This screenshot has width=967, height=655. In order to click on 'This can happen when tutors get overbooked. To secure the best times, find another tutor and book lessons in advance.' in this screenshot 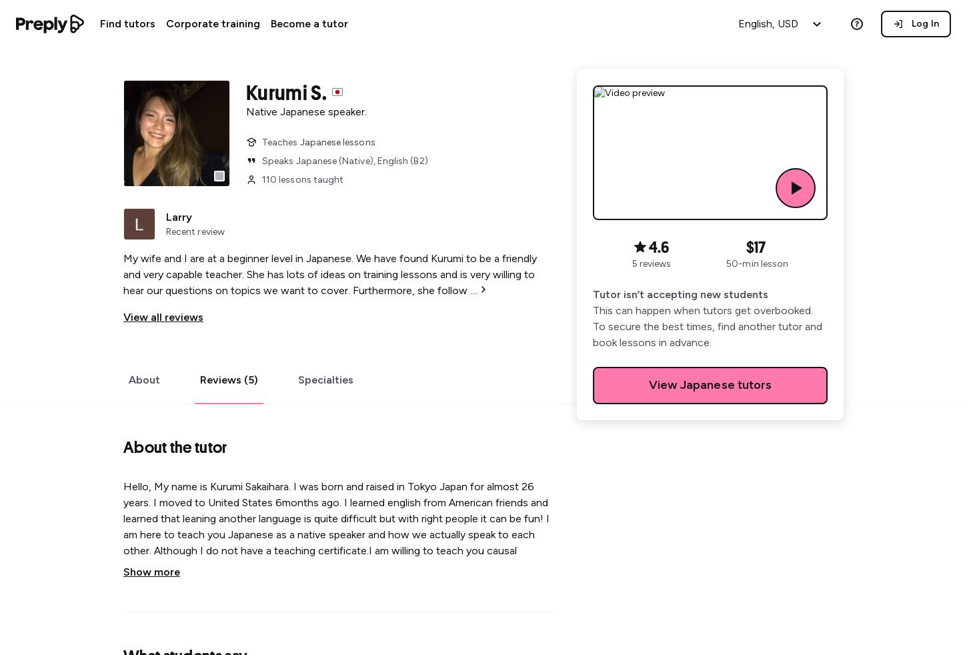, I will do `click(707, 326)`.